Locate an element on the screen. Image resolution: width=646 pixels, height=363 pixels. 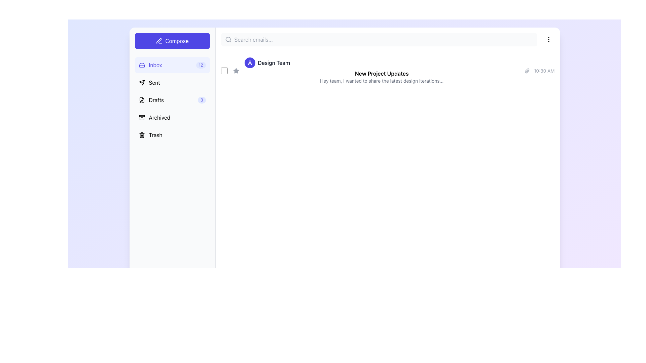
the 'Drafts' label in the sidebar, which is positioned under 'Sent' and above 'Archived' is located at coordinates (156, 100).